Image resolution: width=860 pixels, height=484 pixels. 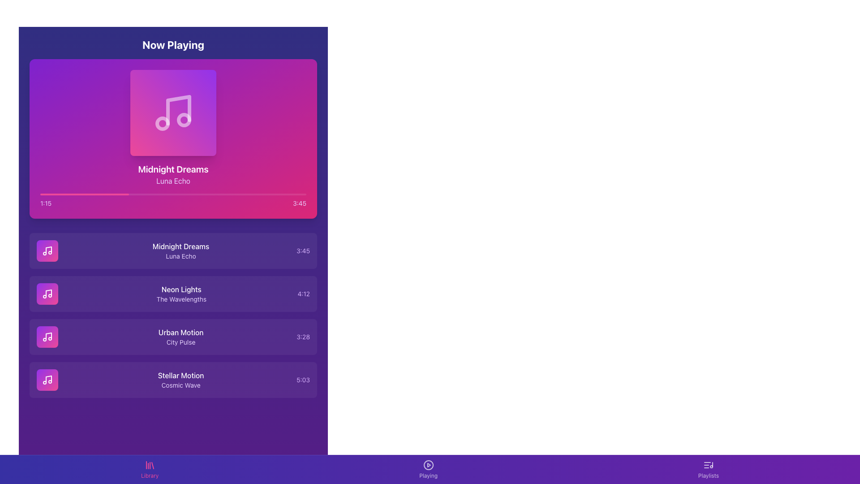 What do you see at coordinates (157, 194) in the screenshot?
I see `the slider` at bounding box center [157, 194].